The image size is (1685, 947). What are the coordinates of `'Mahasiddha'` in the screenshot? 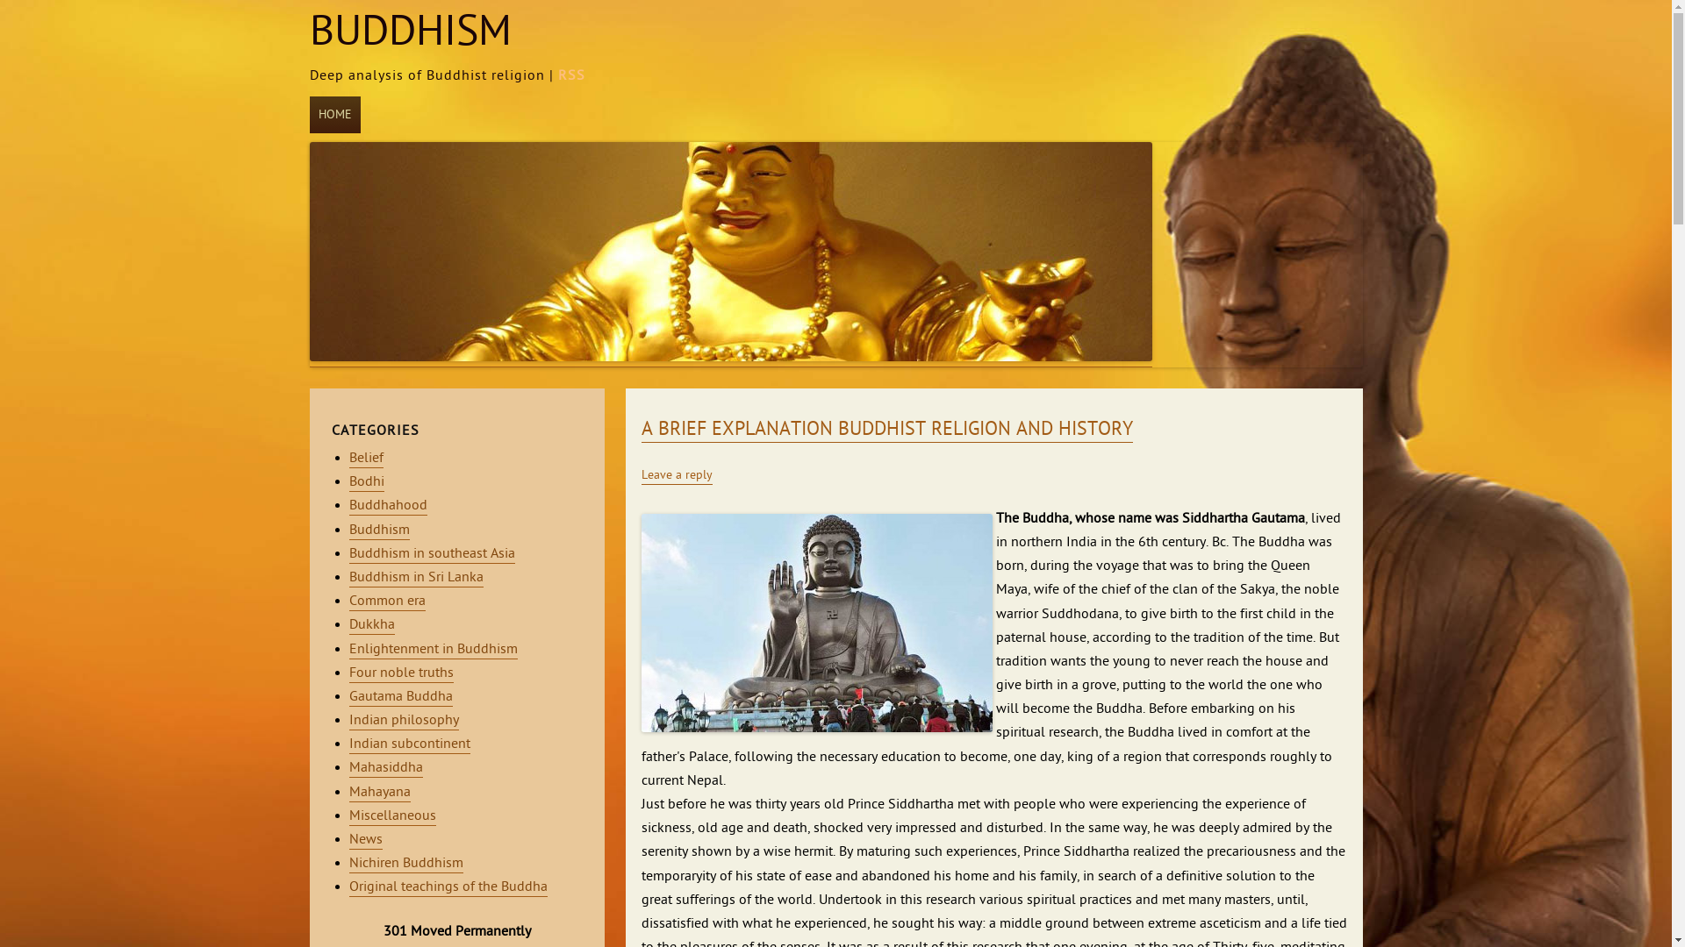 It's located at (349, 767).